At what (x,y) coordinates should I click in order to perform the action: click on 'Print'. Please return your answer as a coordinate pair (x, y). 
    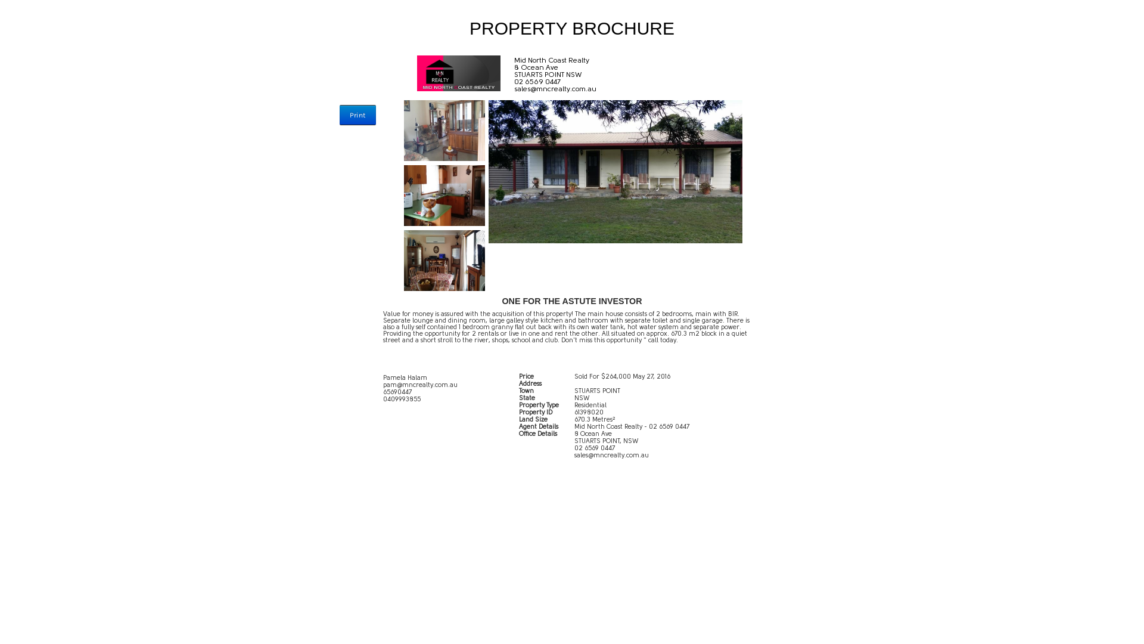
    Looking at the image, I should click on (357, 114).